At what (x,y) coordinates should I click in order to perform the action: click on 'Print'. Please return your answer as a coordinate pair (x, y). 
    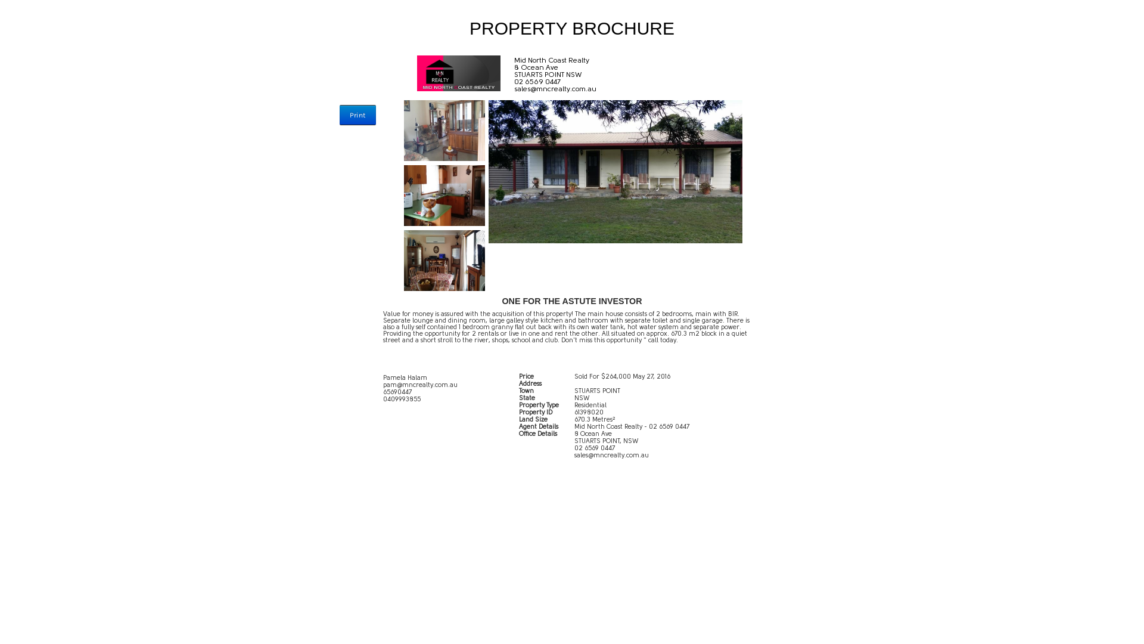
    Looking at the image, I should click on (357, 114).